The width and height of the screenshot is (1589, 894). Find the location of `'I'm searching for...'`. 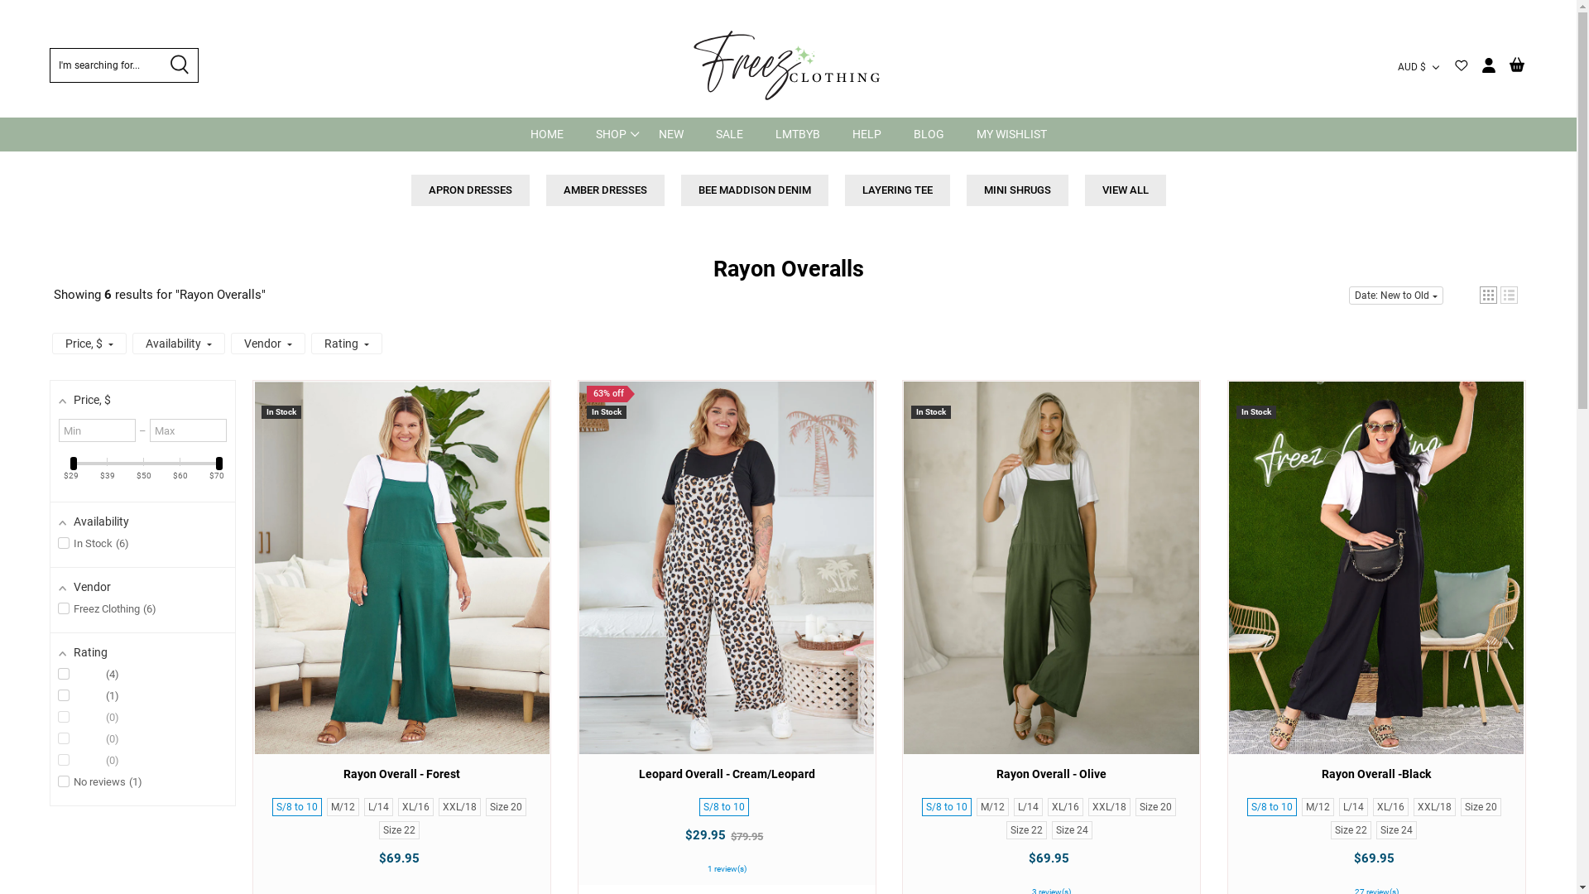

'I'm searching for...' is located at coordinates (122, 64).